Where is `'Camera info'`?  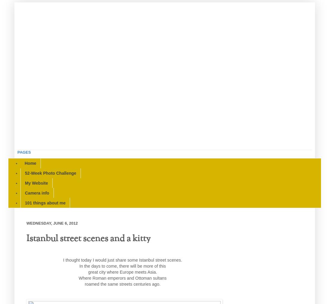 'Camera info' is located at coordinates (37, 192).